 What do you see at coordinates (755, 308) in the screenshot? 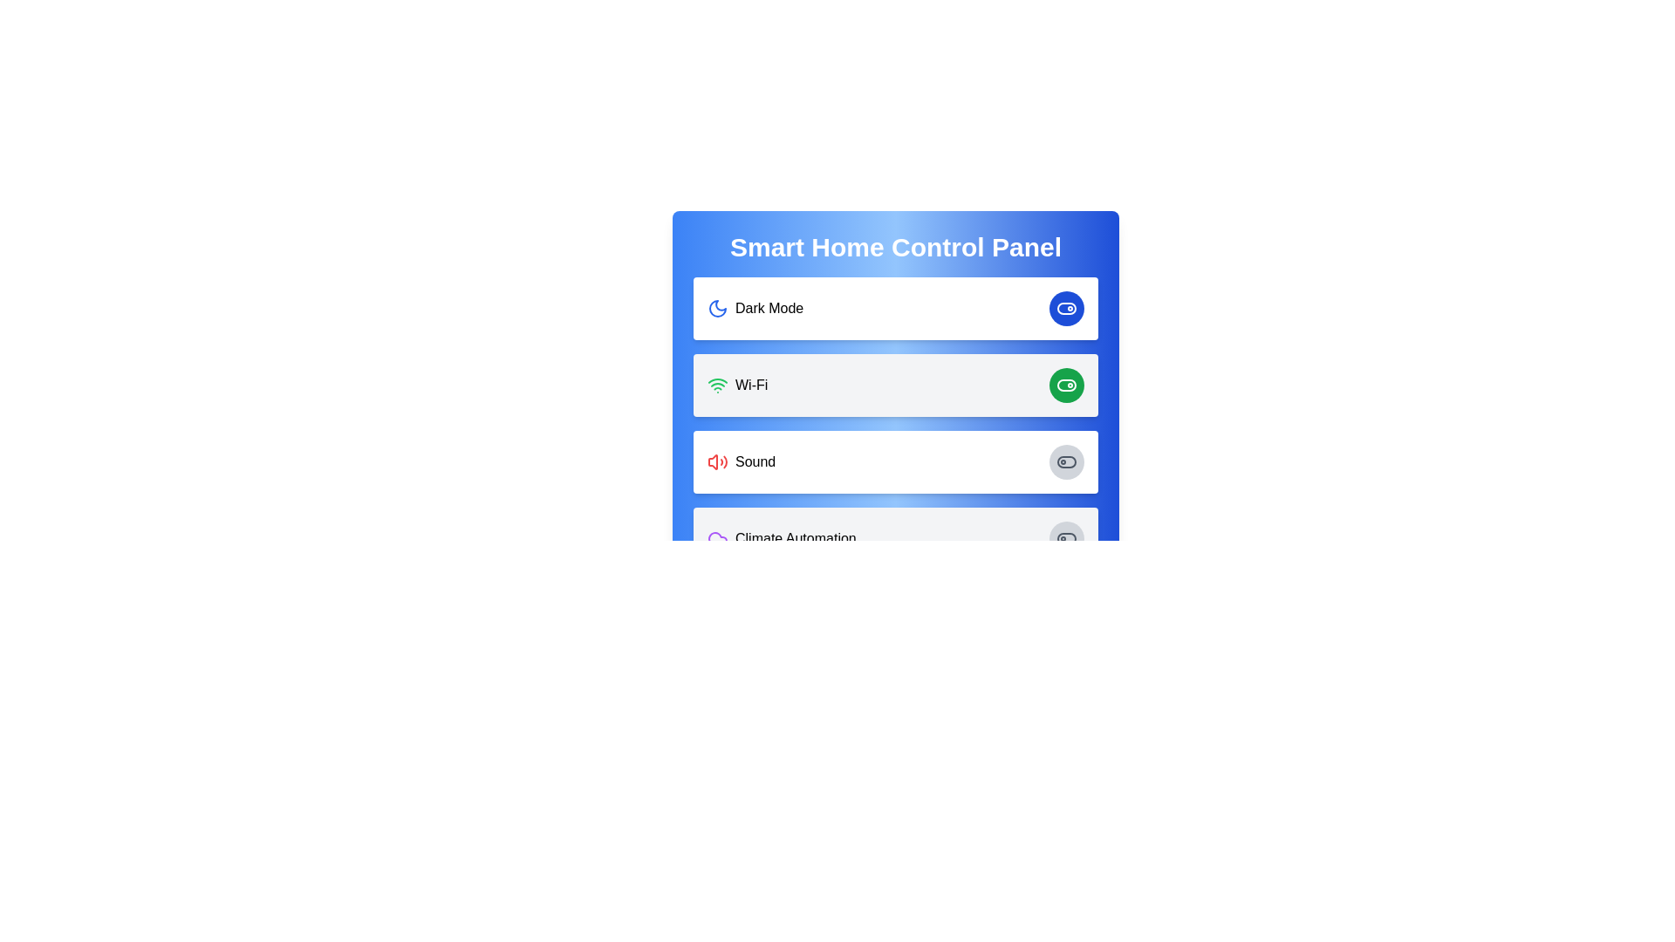
I see `the 'Dark Mode' label with a crescent moon icon located near the top-left corner of the settings section` at bounding box center [755, 308].